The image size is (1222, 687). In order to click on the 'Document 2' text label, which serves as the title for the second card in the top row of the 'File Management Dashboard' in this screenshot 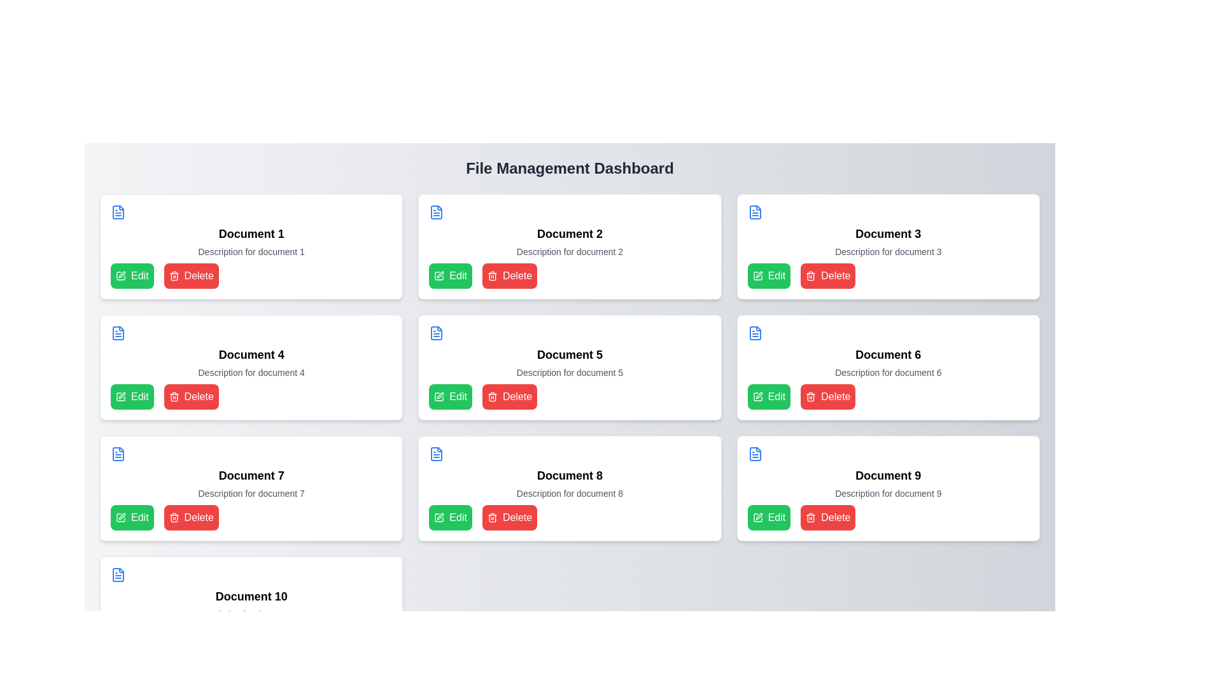, I will do `click(569, 233)`.